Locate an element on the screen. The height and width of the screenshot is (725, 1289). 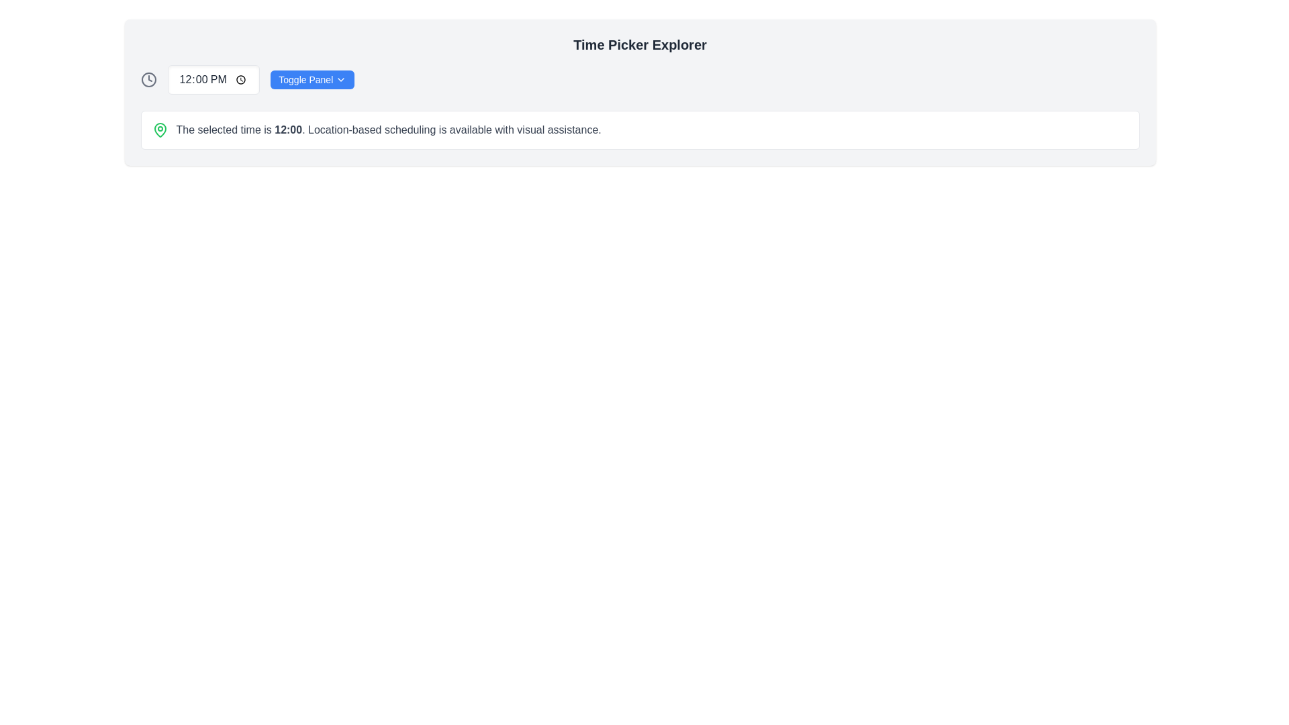
the Text Label that serves as a title or header for the time picking functionality, positioned at the top center above the 'Toggle Panel' button and time display is located at coordinates (639, 44).